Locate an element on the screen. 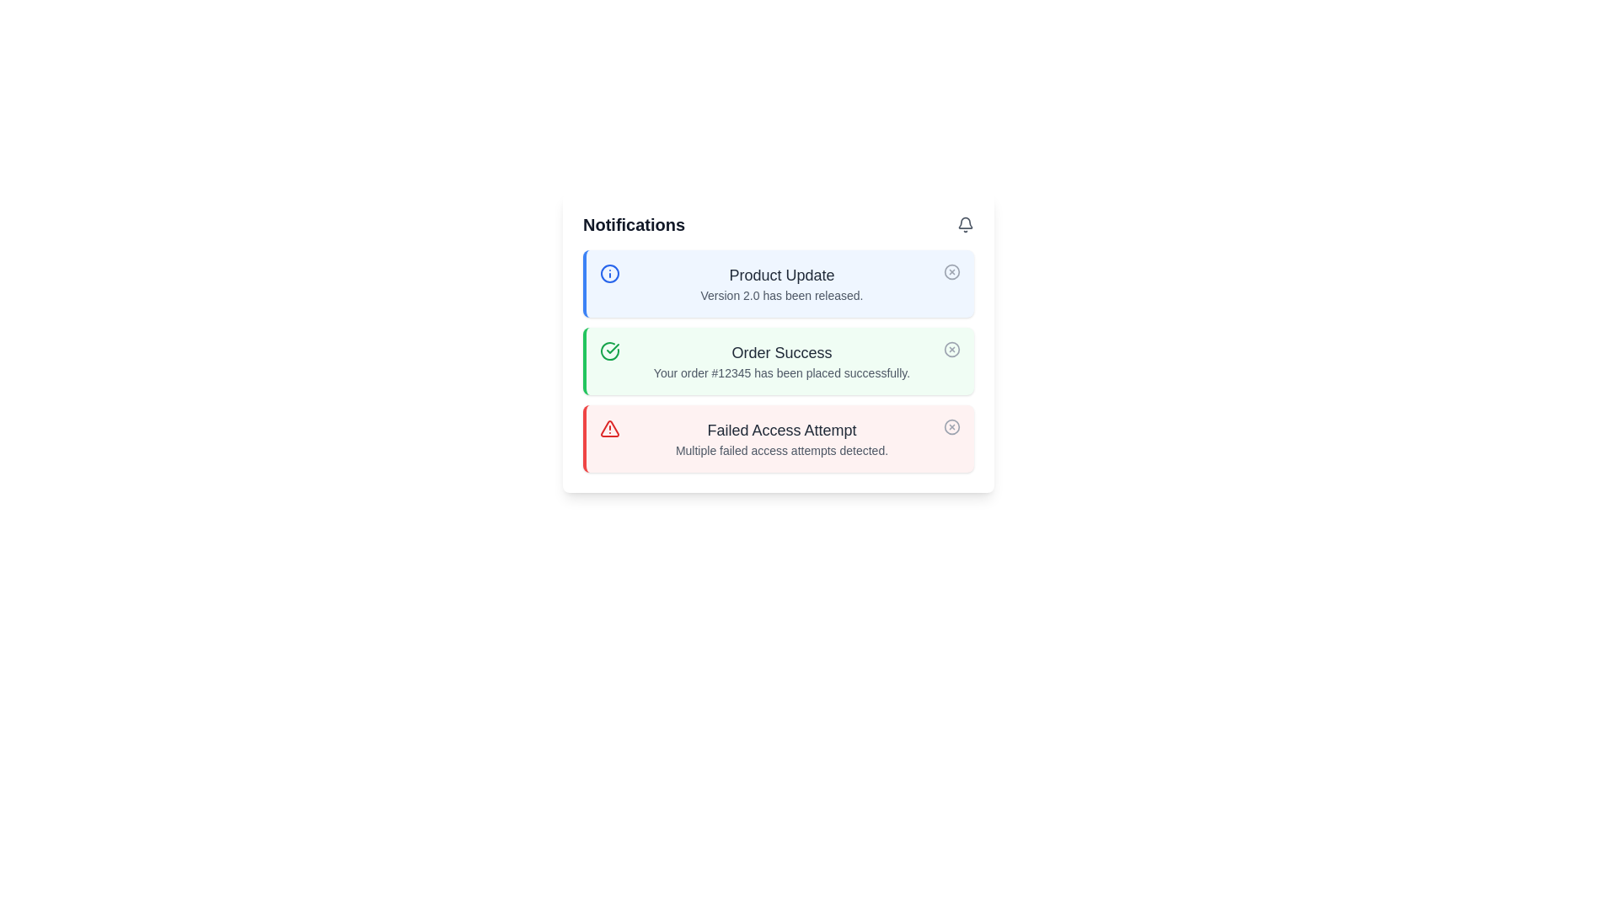 This screenshot has width=1618, height=910. the warning indicator icon located in the top-left corner of the 'Failed Access Attempt' notification card for additional information if enabled is located at coordinates (609, 428).